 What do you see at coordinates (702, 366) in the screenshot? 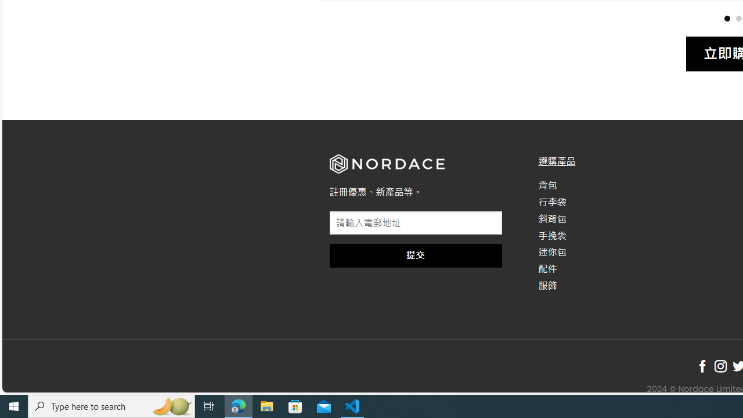
I see `'Follow on Facebook'` at bounding box center [702, 366].